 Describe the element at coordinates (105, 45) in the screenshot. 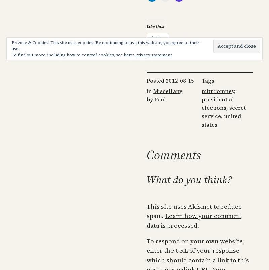

I see `'Privacy & Cookies: This site uses cookies. By continuing to use this website, you agree to their use.'` at that location.